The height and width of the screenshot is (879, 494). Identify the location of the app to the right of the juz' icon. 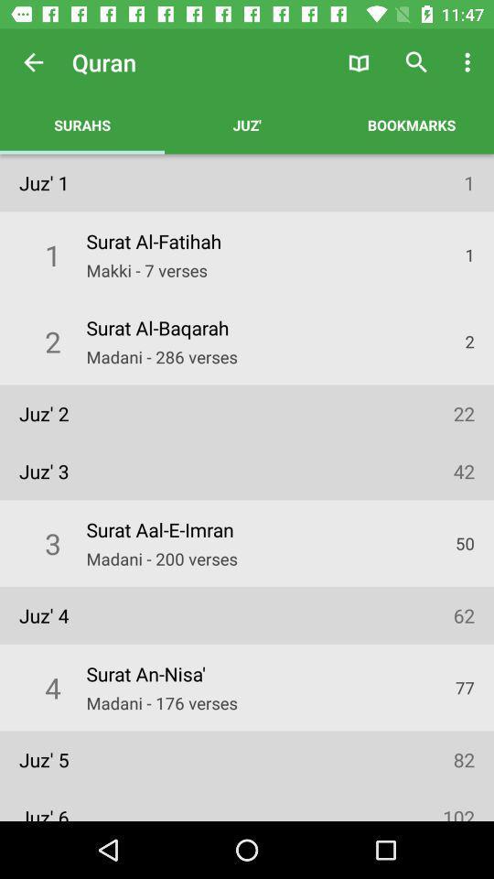
(411, 124).